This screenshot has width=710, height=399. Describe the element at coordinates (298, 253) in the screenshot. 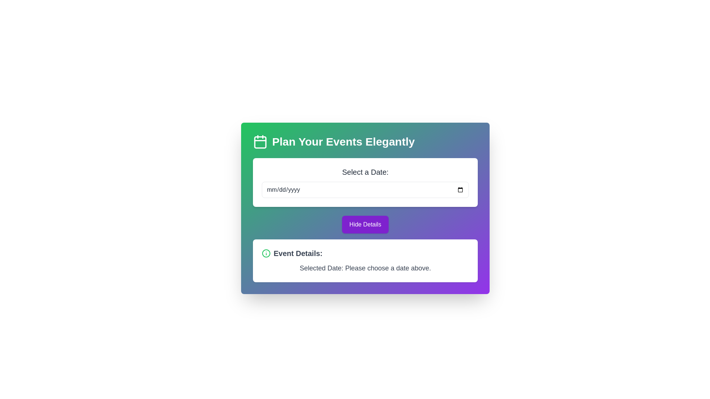

I see `the text label positioned below the purple 'Hide Details' button, which serves as a heading for the details section` at that location.